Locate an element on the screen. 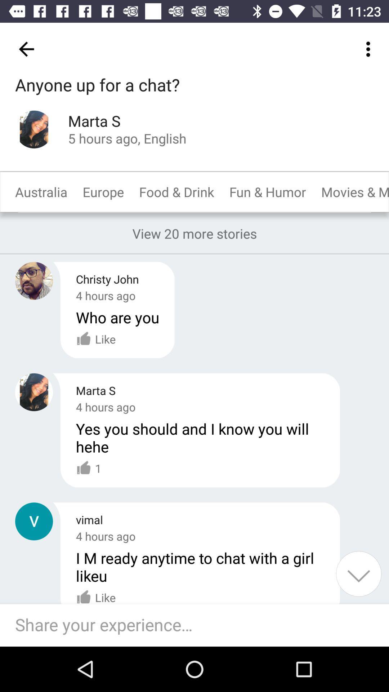 Image resolution: width=389 pixels, height=692 pixels. write a reply is located at coordinates (198, 625).